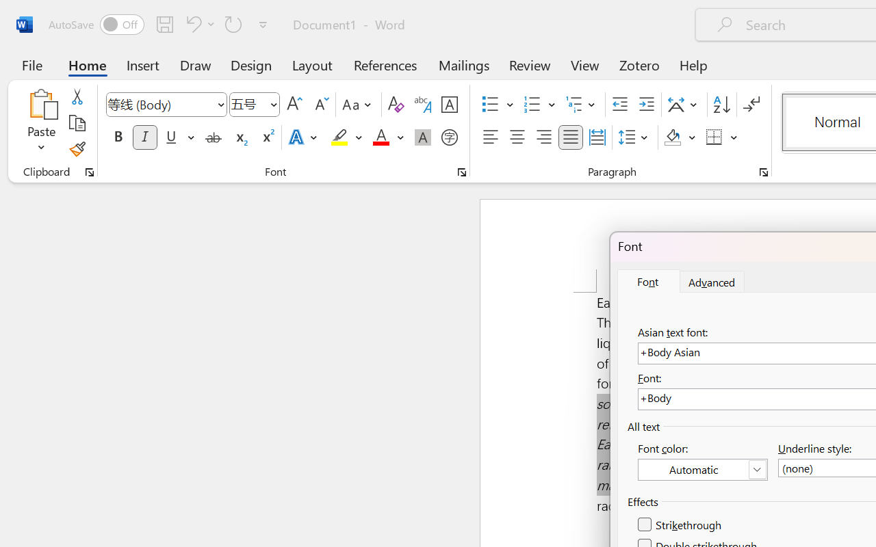 The image size is (876, 547). What do you see at coordinates (422, 105) in the screenshot?
I see `'Phonetic Guide...'` at bounding box center [422, 105].